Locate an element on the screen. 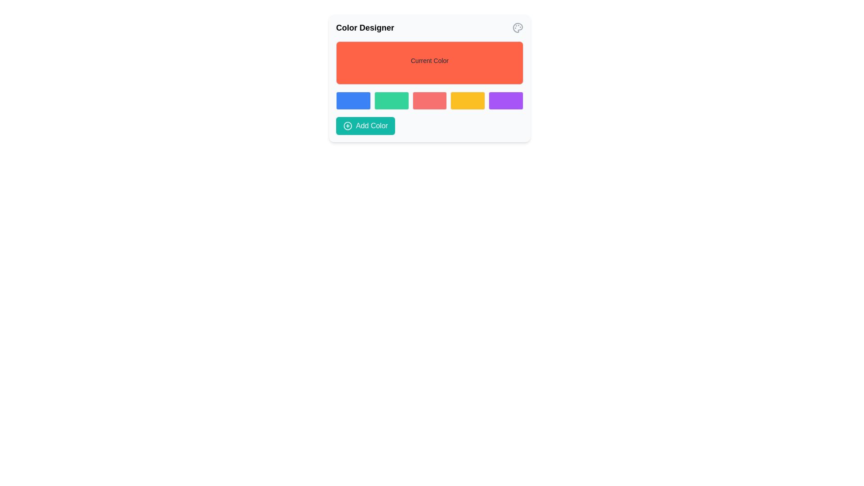  the second rectangular button with a green background in the 'Color Designer' interface is located at coordinates (391, 100).